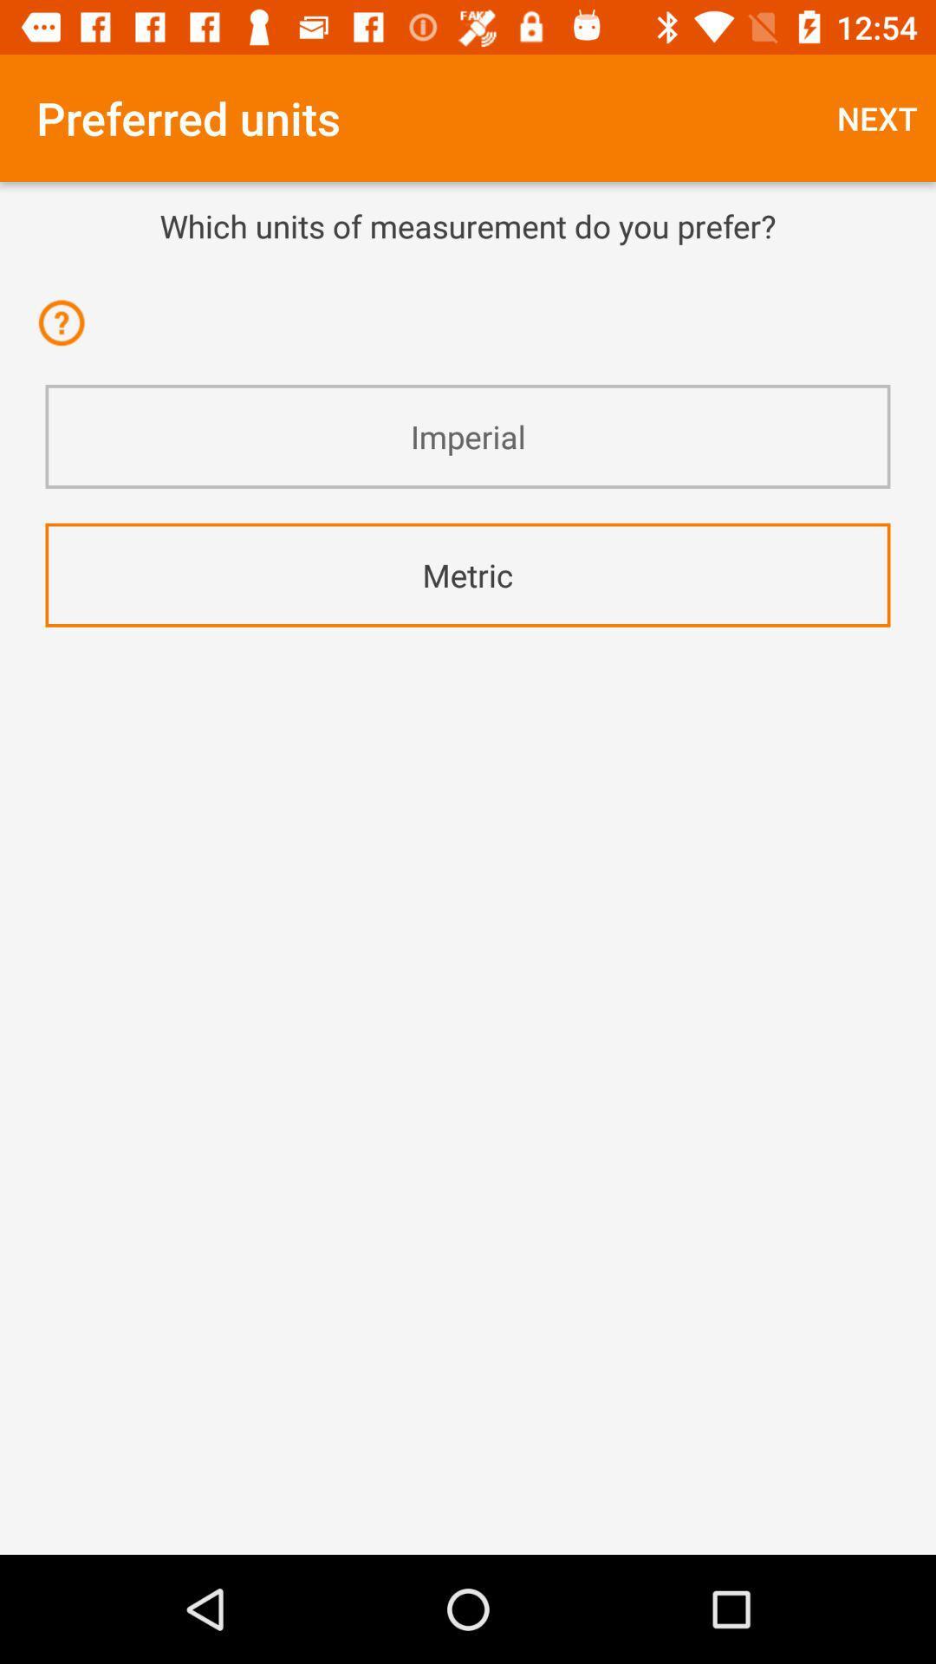 Image resolution: width=936 pixels, height=1664 pixels. What do you see at coordinates (877, 117) in the screenshot?
I see `icon above which units of icon` at bounding box center [877, 117].